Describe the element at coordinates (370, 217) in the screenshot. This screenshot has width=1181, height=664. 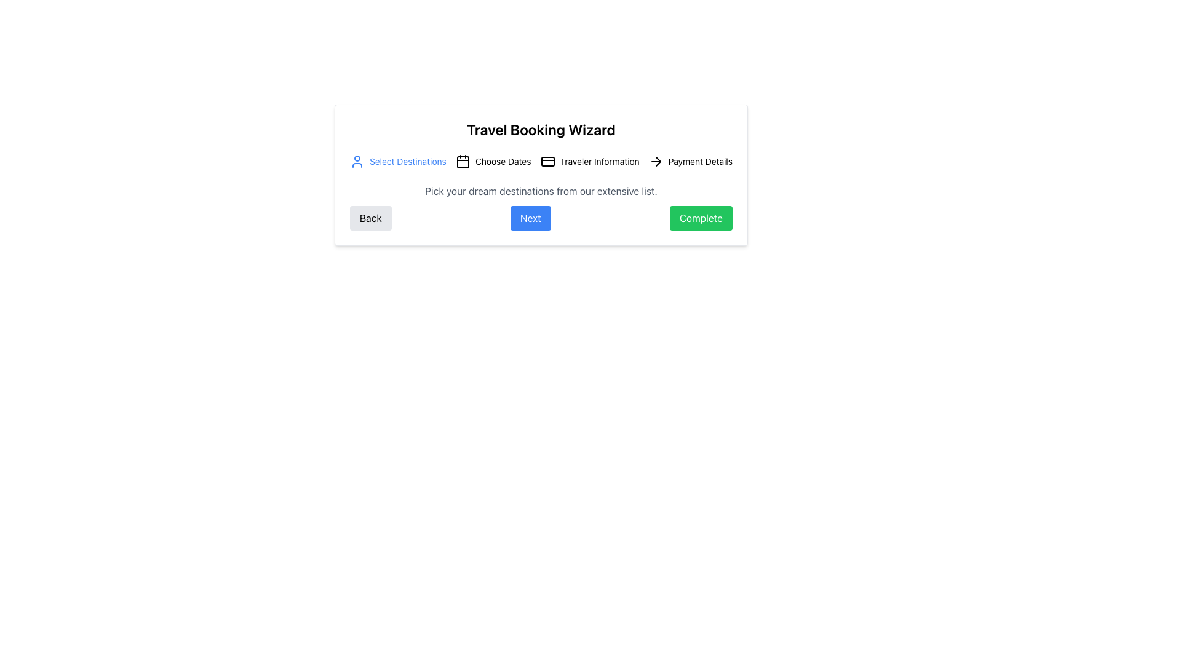
I see `the 'Back' button in the horizontal navigation bar below the 'Travel Booking Wizard' title` at that location.